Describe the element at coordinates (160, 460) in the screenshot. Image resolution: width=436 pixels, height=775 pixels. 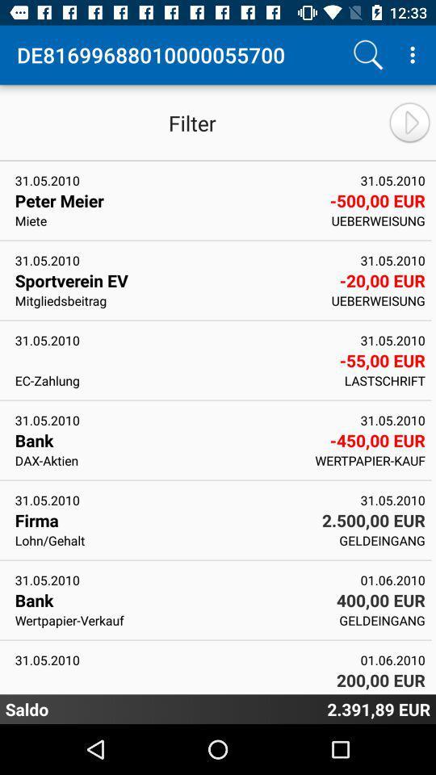
I see `the icon to the left of wertpapier-kauf icon` at that location.